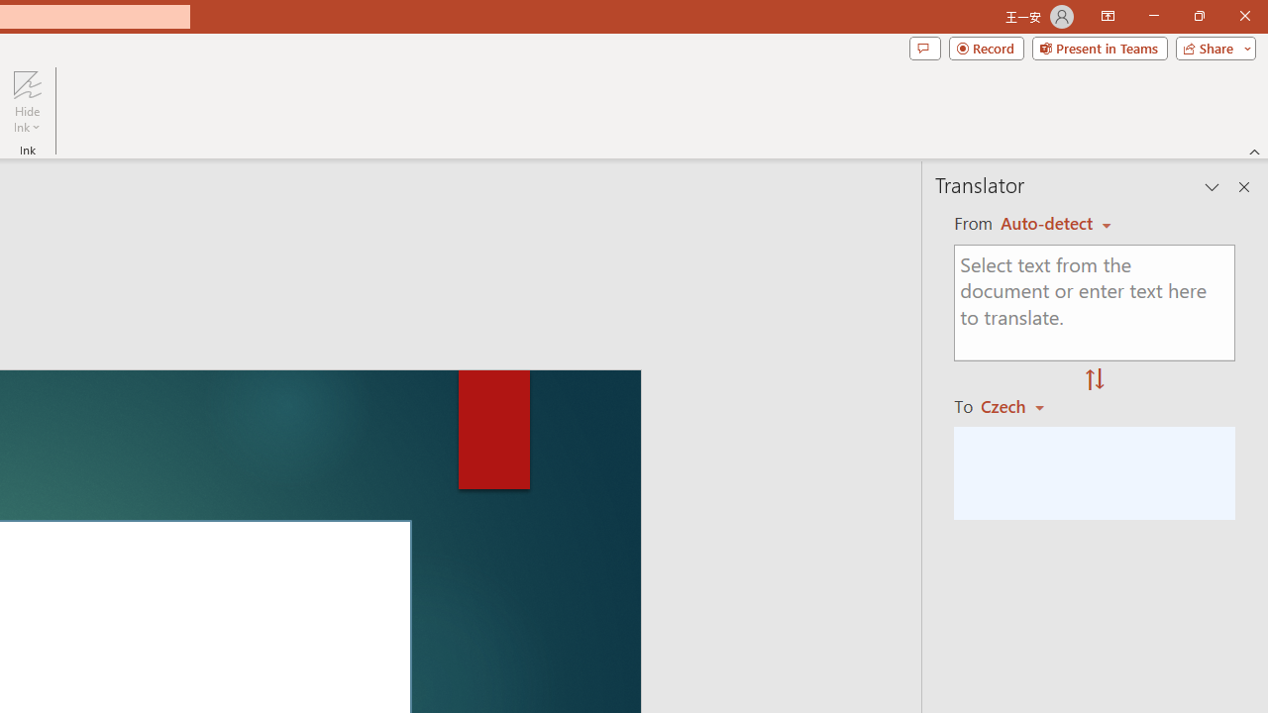 This screenshot has height=713, width=1268. I want to click on 'Close pane', so click(1243, 187).